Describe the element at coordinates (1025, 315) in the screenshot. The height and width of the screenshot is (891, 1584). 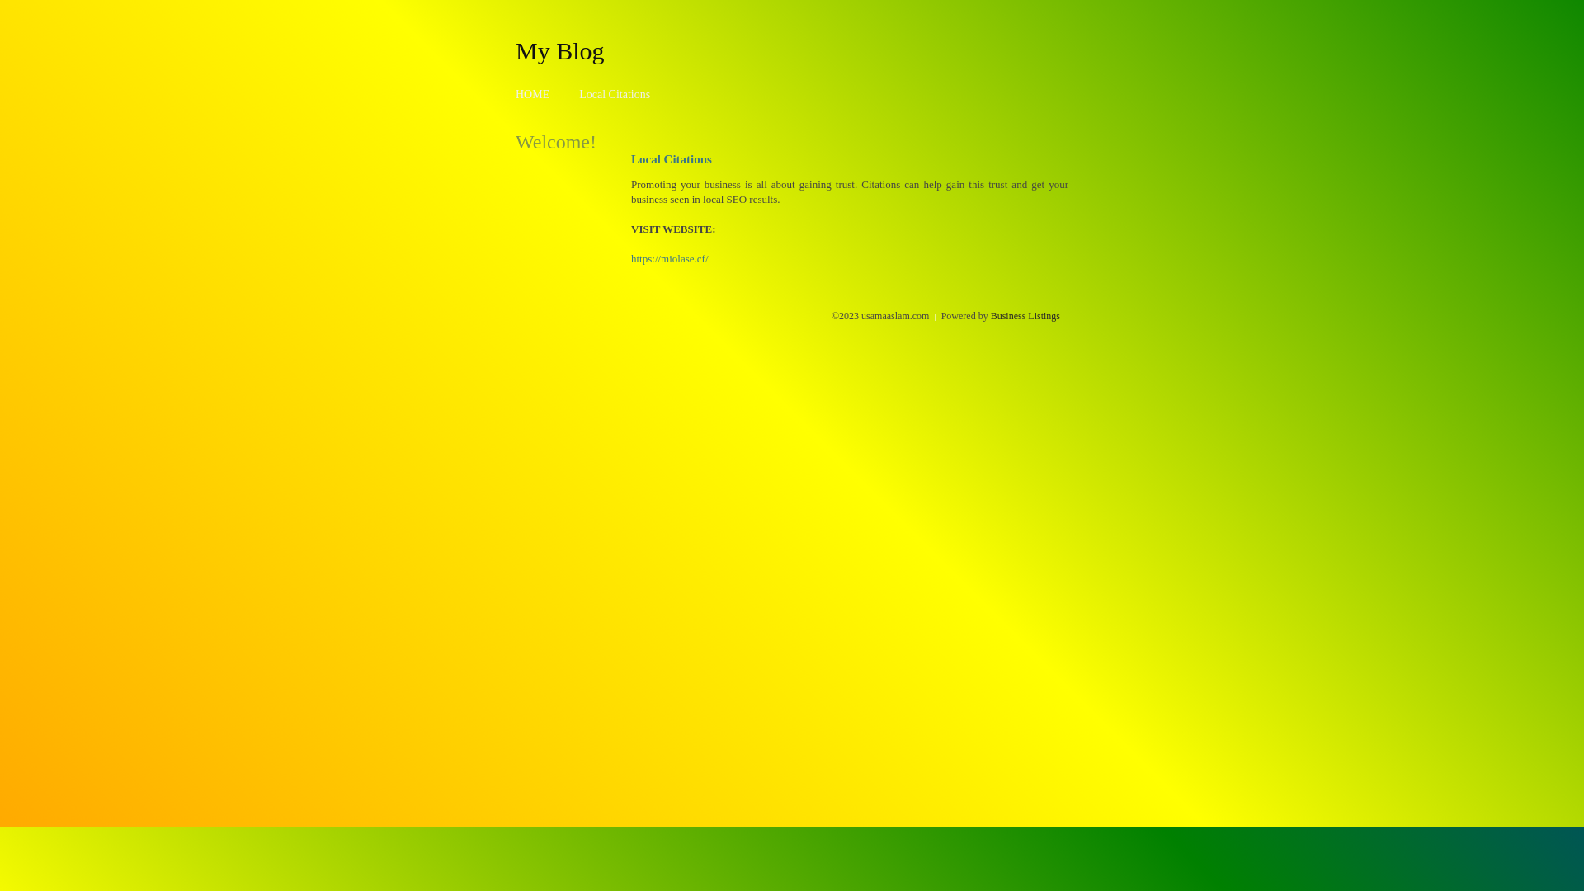
I see `'Business Listings'` at that location.